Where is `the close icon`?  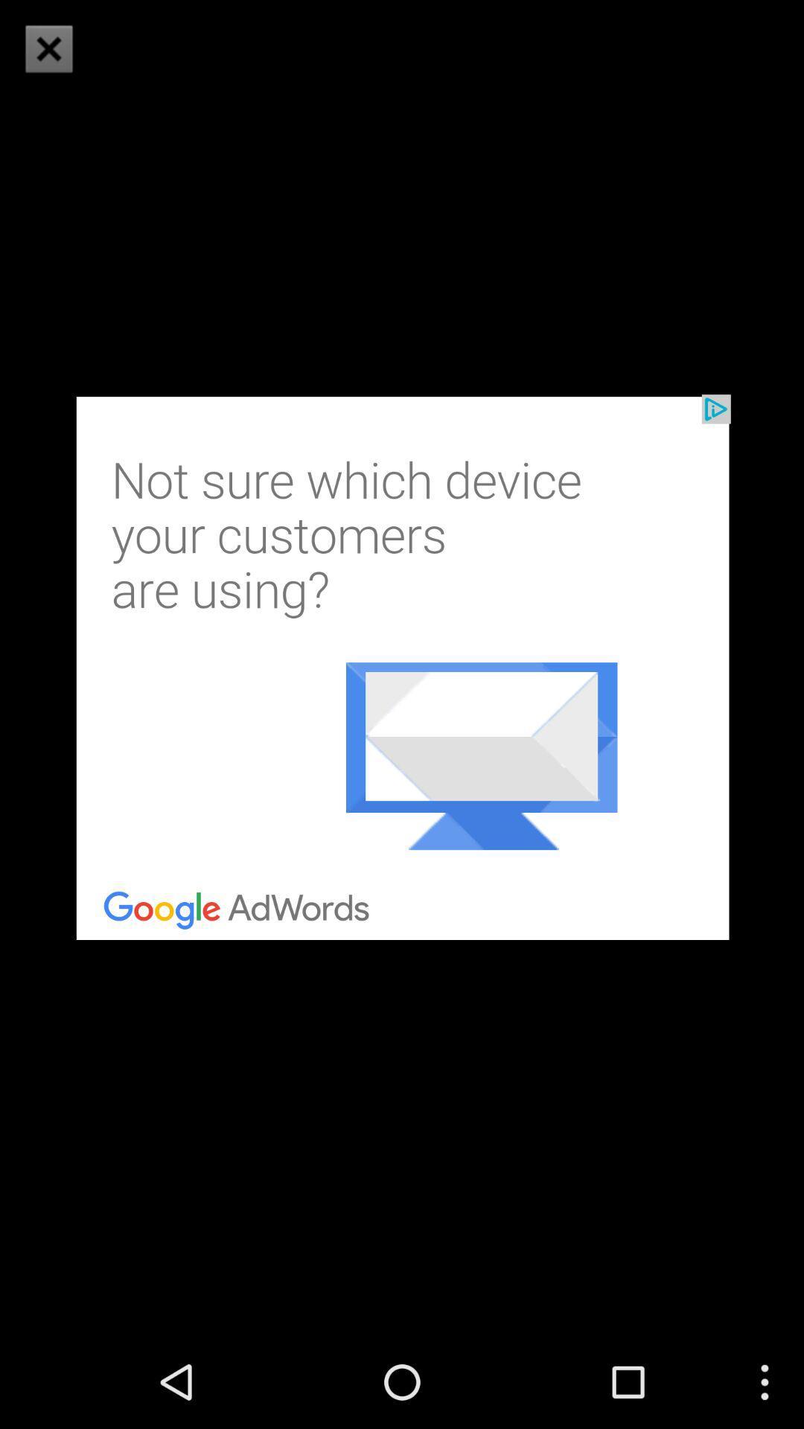 the close icon is located at coordinates (48, 52).